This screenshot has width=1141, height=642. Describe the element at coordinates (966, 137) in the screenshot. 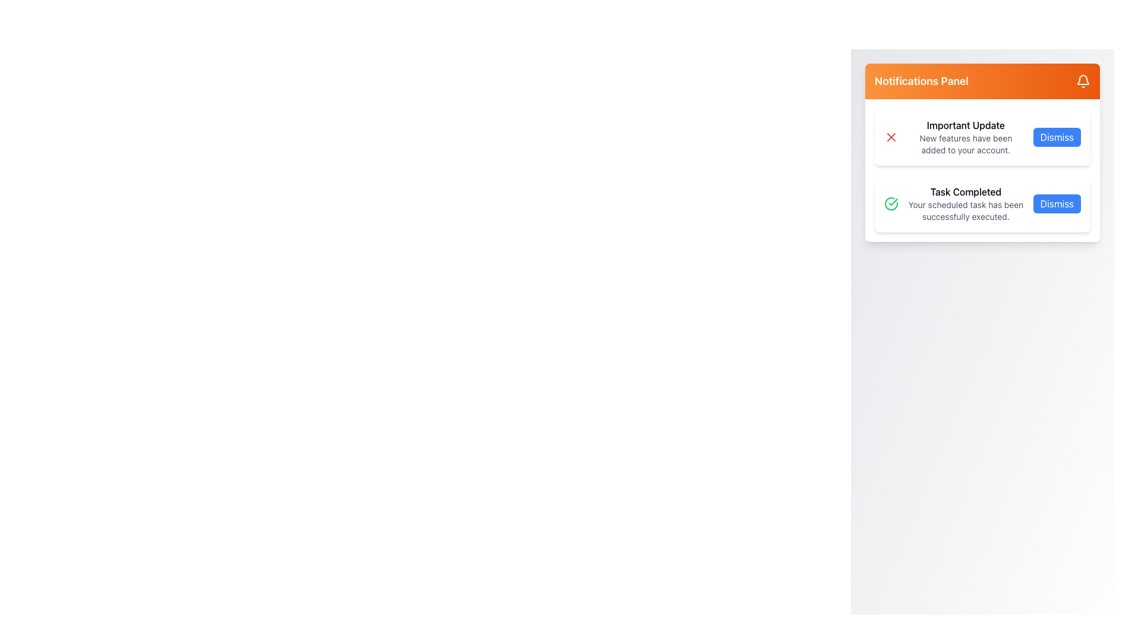

I see `the informational text component that contains a bold headline 'Important Update' and a smaller grayscale text stating 'New features have been added to your account.'` at that location.